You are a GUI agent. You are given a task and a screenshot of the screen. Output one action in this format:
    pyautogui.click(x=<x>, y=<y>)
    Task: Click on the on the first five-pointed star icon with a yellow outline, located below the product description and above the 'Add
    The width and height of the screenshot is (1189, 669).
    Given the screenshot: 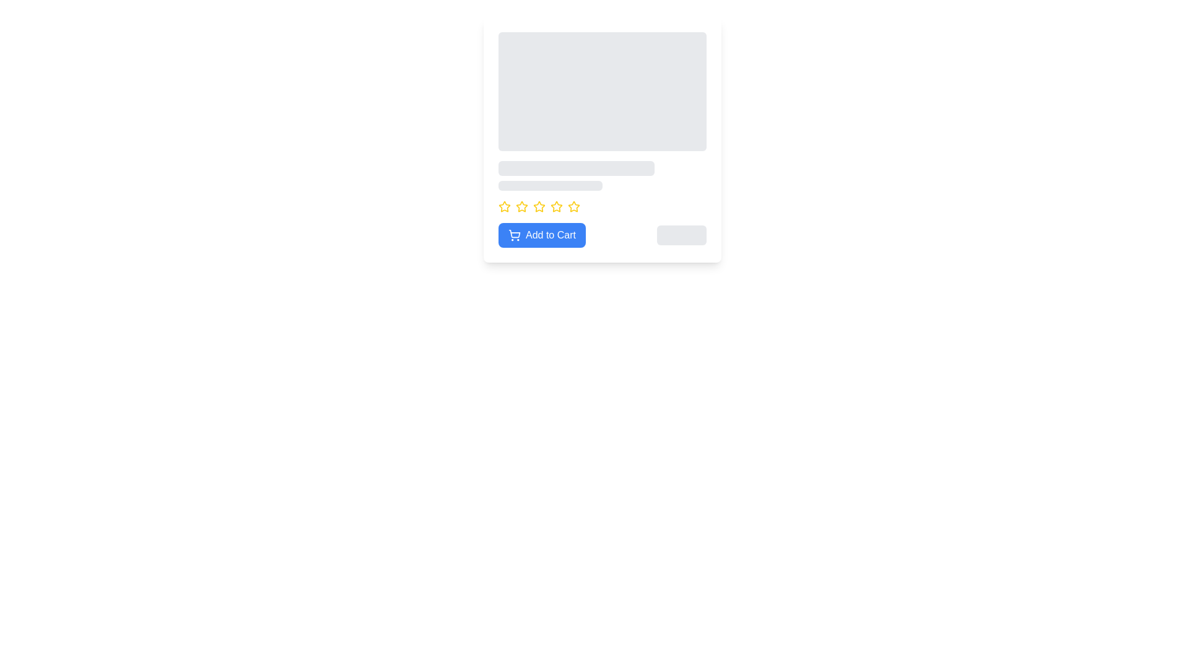 What is the action you would take?
    pyautogui.click(x=505, y=206)
    